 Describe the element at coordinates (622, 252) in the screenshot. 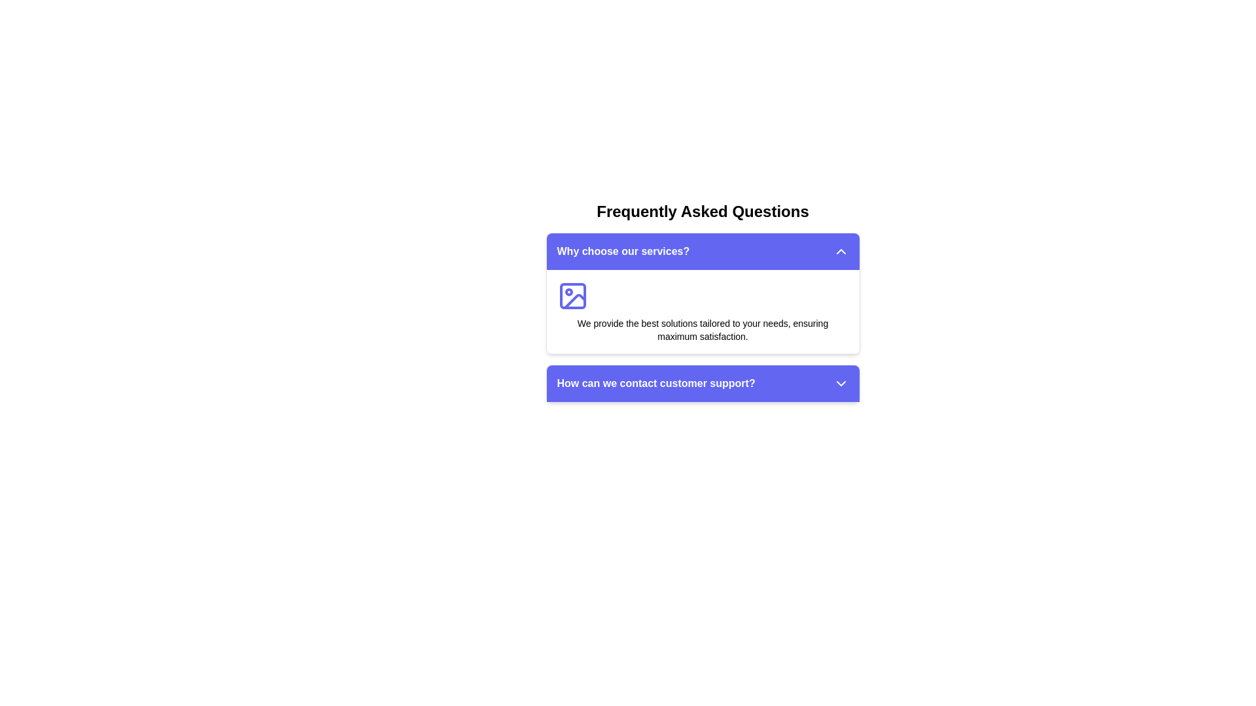

I see `text label displaying 'Why choose our services?' which is positioned on a purple background as part of the accordion header` at that location.